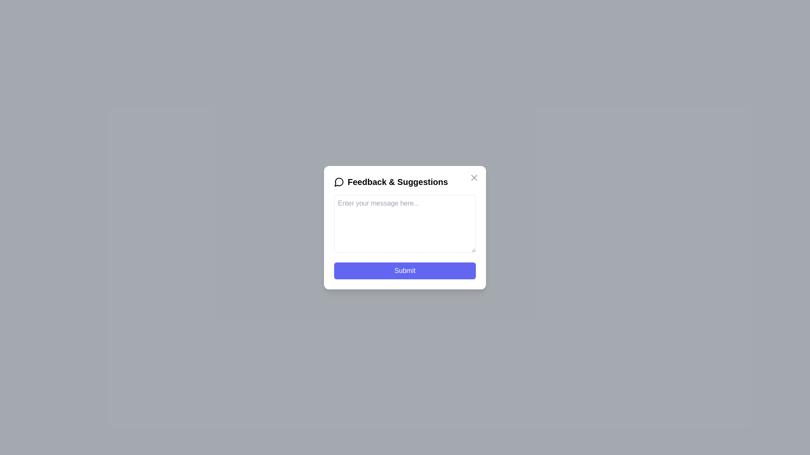  Describe the element at coordinates (474, 177) in the screenshot. I see `the close icon button (styled as an 'X') in the top-right corner of the feedback form` at that location.